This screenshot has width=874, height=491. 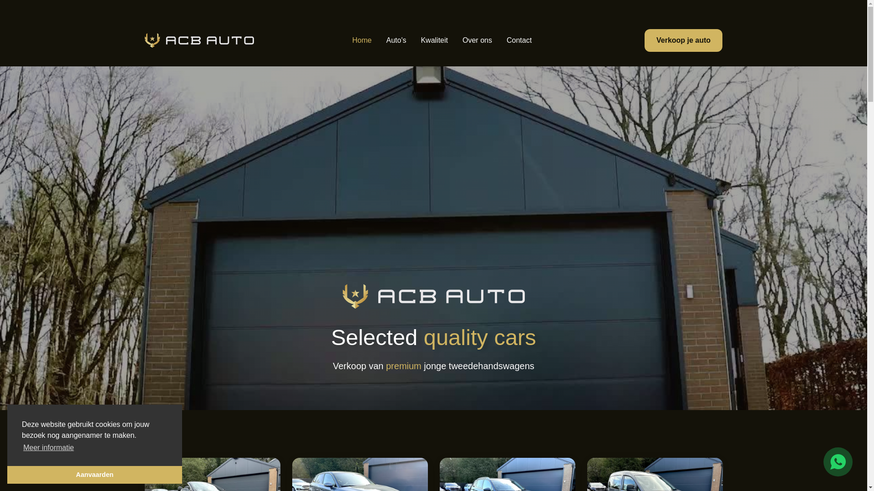 What do you see at coordinates (396, 40) in the screenshot?
I see `'Auto's'` at bounding box center [396, 40].